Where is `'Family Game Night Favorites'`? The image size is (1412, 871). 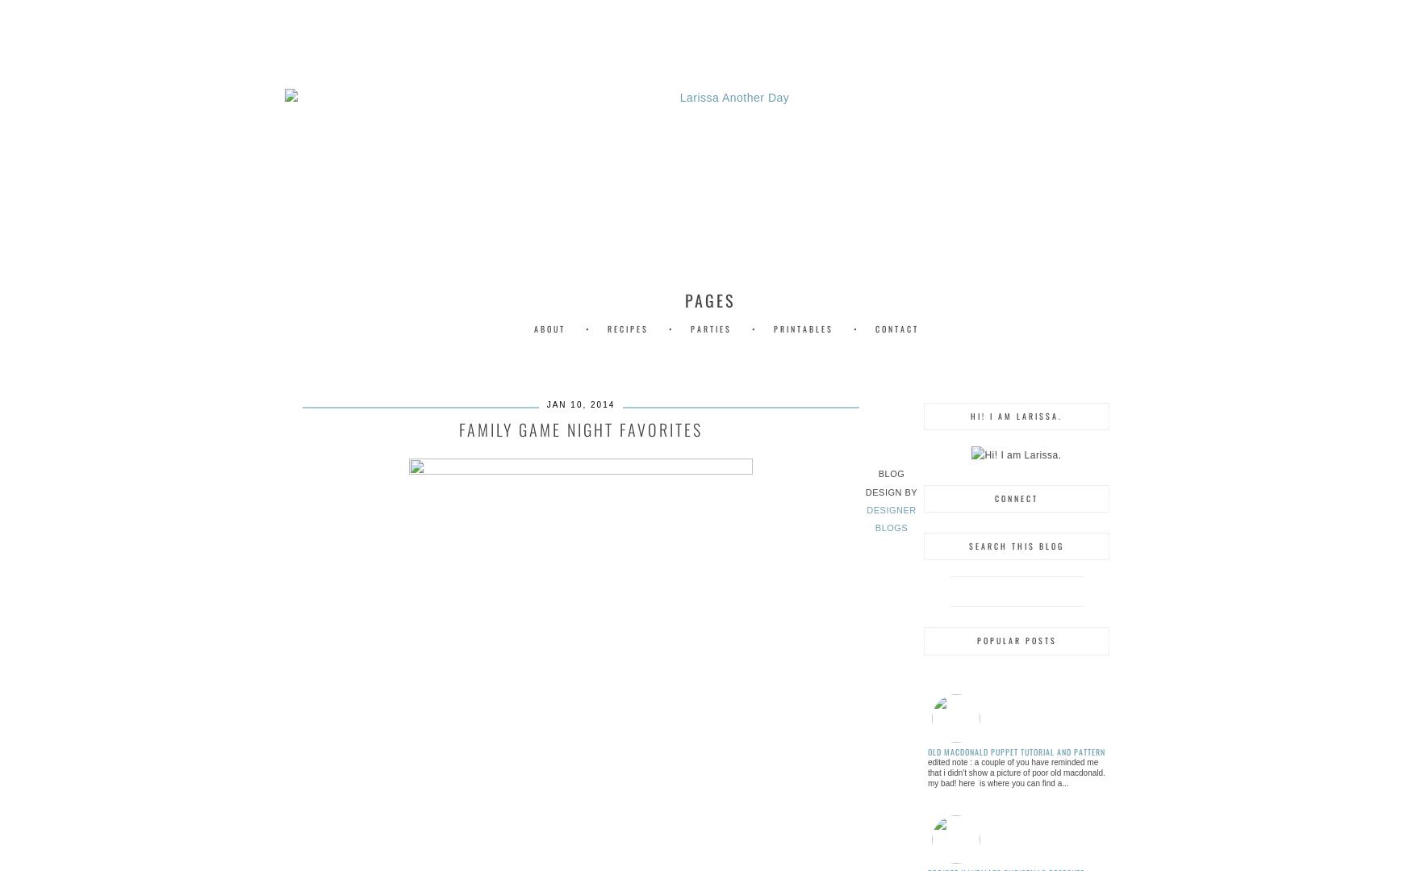 'Family Game Night Favorites' is located at coordinates (580, 428).